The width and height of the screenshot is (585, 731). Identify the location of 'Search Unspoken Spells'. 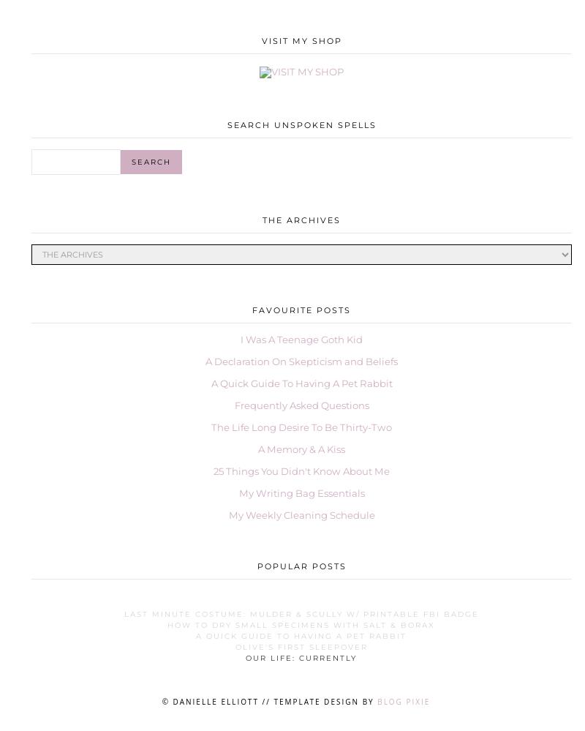
(226, 124).